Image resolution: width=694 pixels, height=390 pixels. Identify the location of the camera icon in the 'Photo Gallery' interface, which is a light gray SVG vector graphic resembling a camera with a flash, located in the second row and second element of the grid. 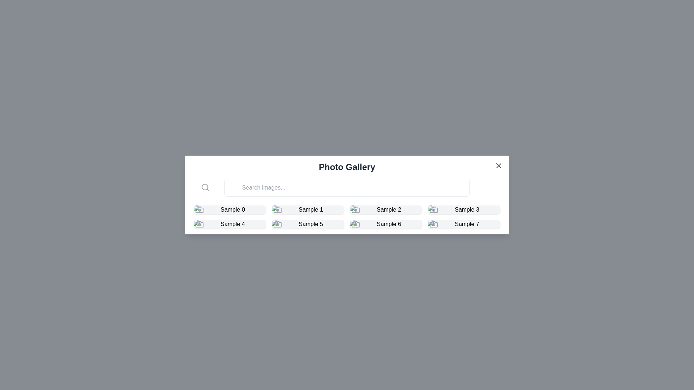
(277, 224).